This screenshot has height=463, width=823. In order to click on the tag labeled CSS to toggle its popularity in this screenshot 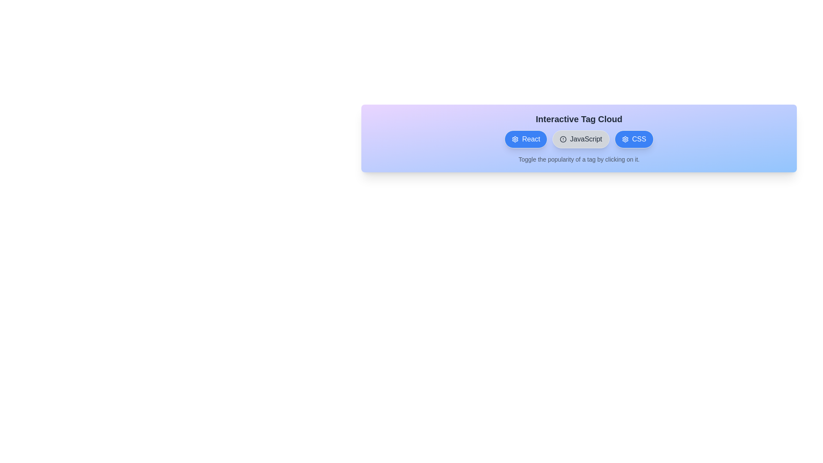, I will do `click(634, 138)`.